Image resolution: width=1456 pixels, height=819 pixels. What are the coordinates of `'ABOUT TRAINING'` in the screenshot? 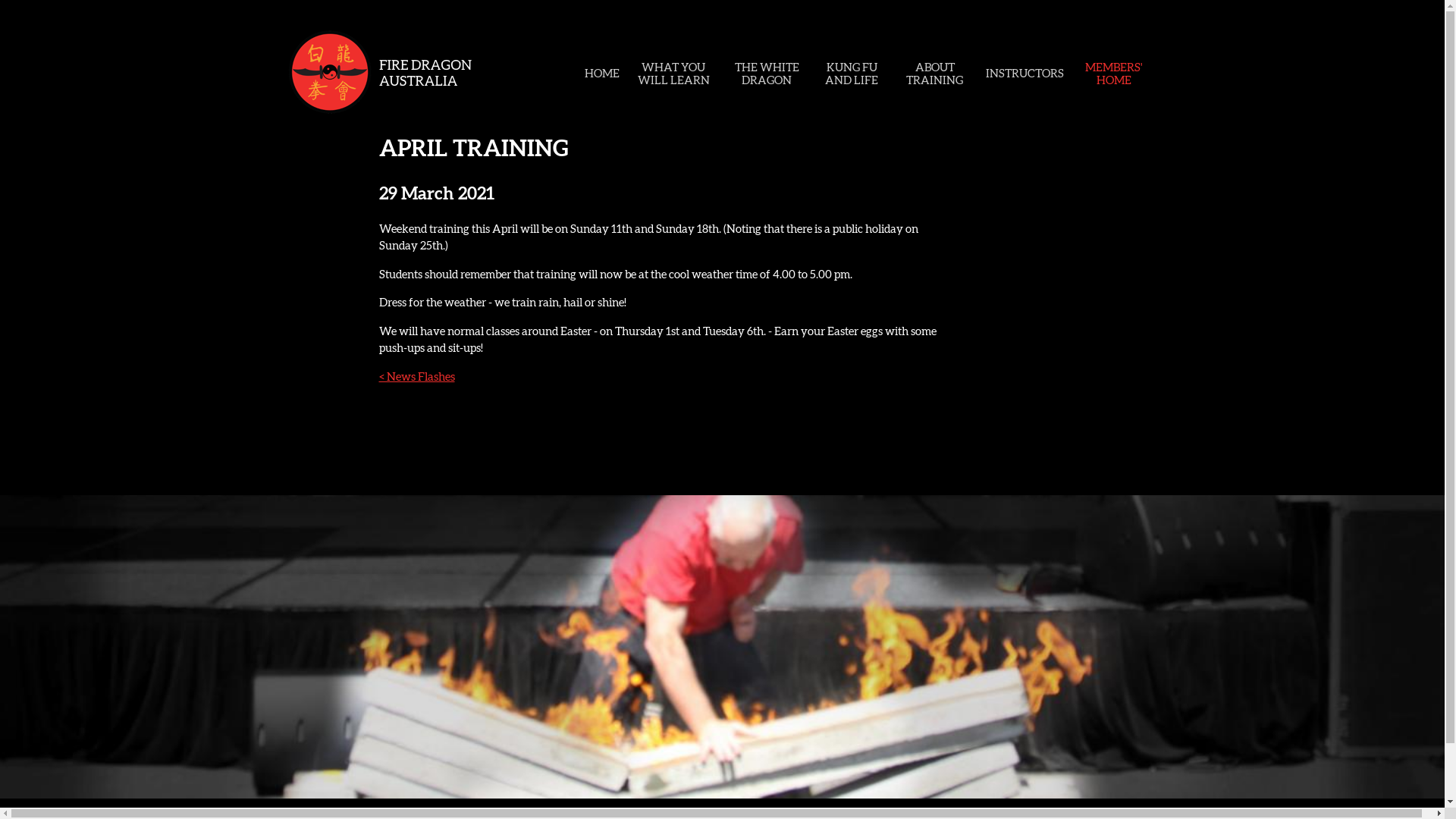 It's located at (934, 73).